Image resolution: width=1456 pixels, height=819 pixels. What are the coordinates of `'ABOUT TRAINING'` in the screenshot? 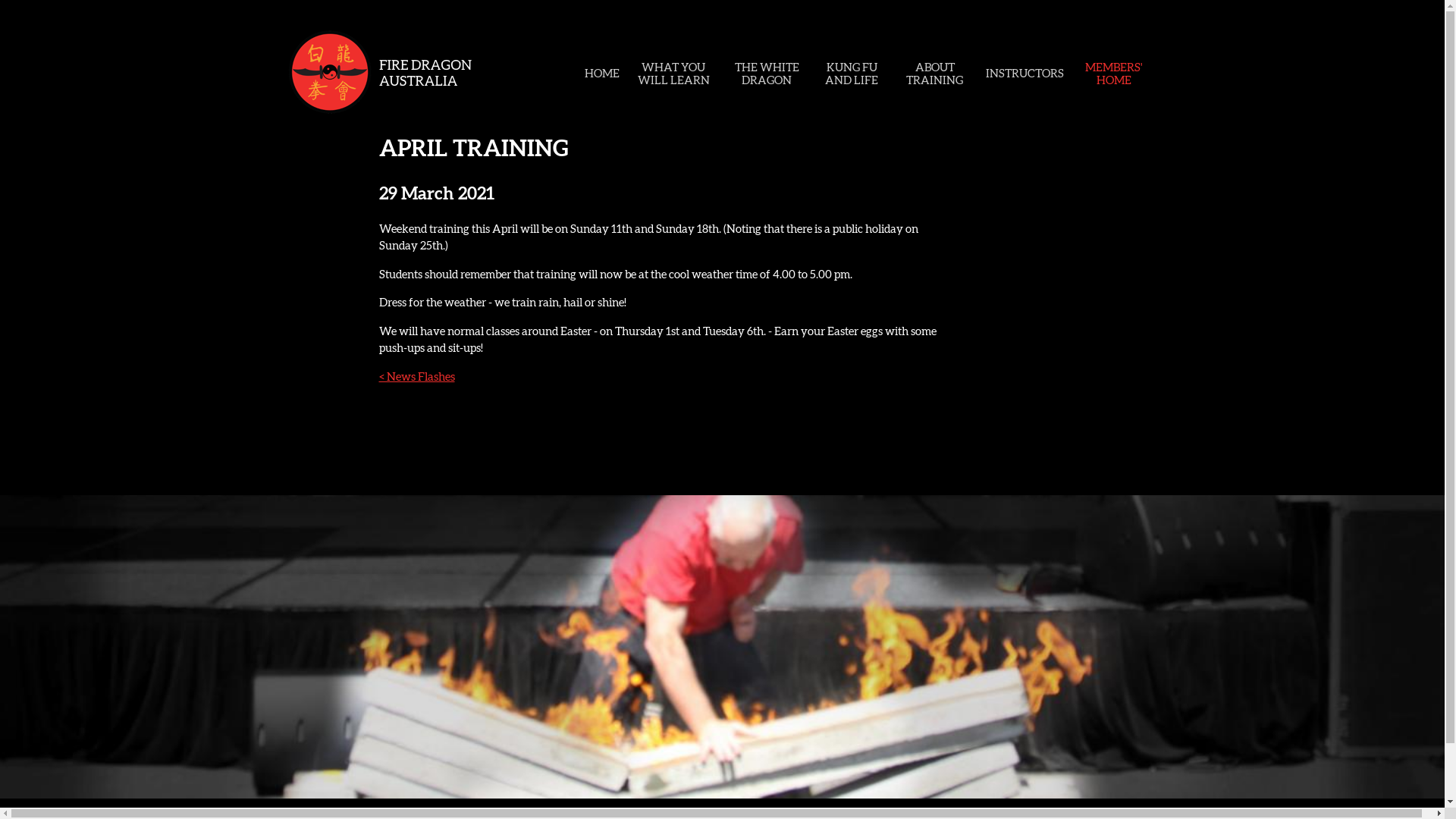 It's located at (934, 73).